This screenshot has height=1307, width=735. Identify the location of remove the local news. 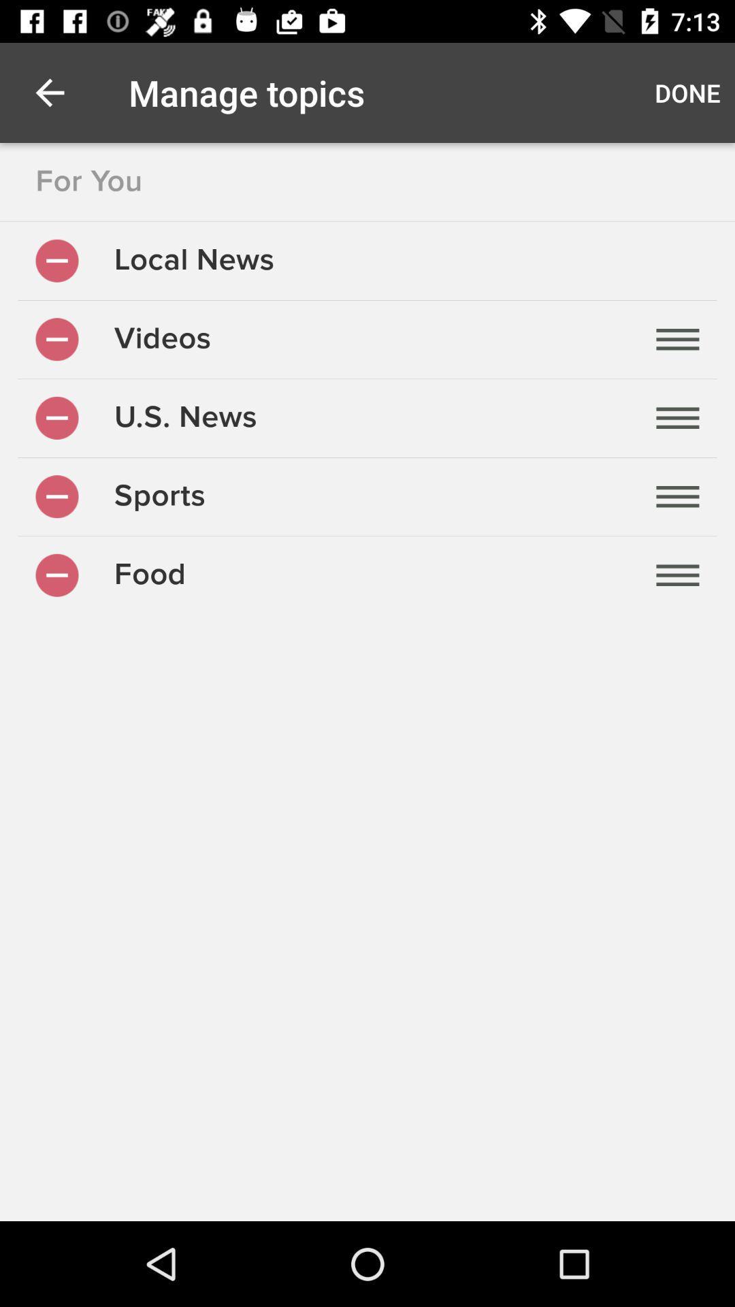
(56, 261).